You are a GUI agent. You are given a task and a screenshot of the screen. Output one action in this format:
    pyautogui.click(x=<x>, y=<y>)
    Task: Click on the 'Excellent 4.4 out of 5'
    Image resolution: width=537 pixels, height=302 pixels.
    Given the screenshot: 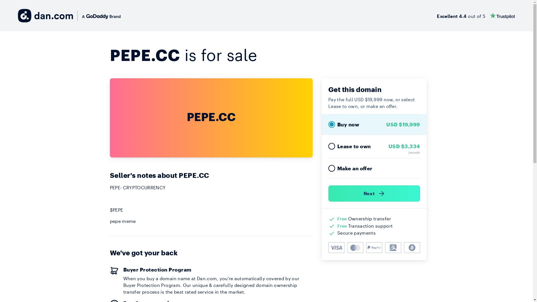 What is the action you would take?
    pyautogui.click(x=475, y=15)
    